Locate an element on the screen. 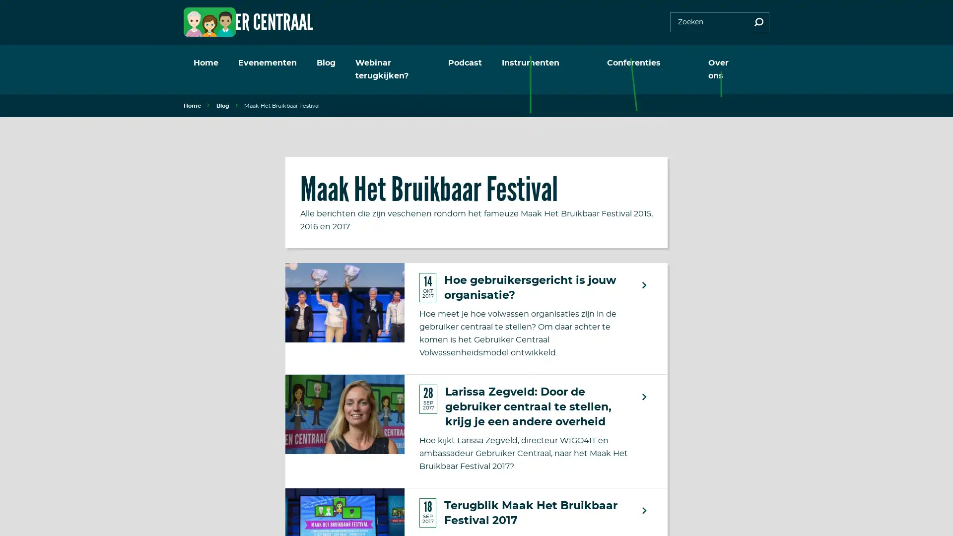 The image size is (953, 536). Toon submenu voor Conferenties is located at coordinates (679, 63).